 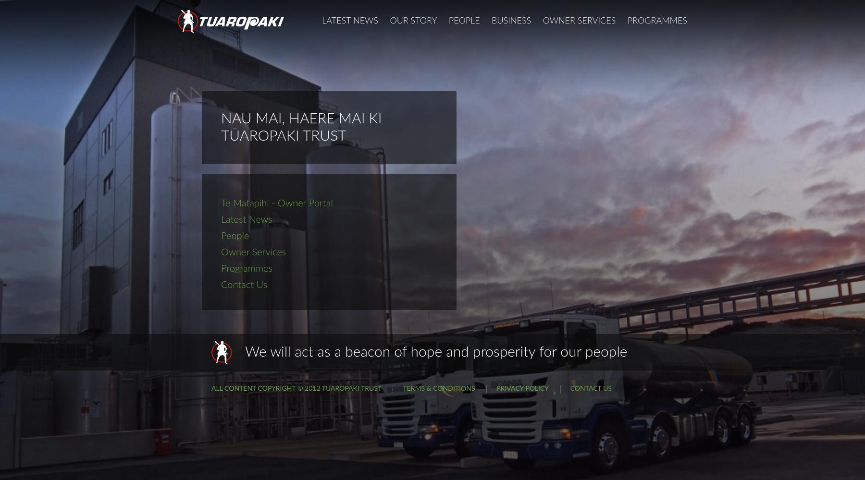 What do you see at coordinates (277, 204) in the screenshot?
I see `'Te Matapihi - Owner Portal'` at bounding box center [277, 204].